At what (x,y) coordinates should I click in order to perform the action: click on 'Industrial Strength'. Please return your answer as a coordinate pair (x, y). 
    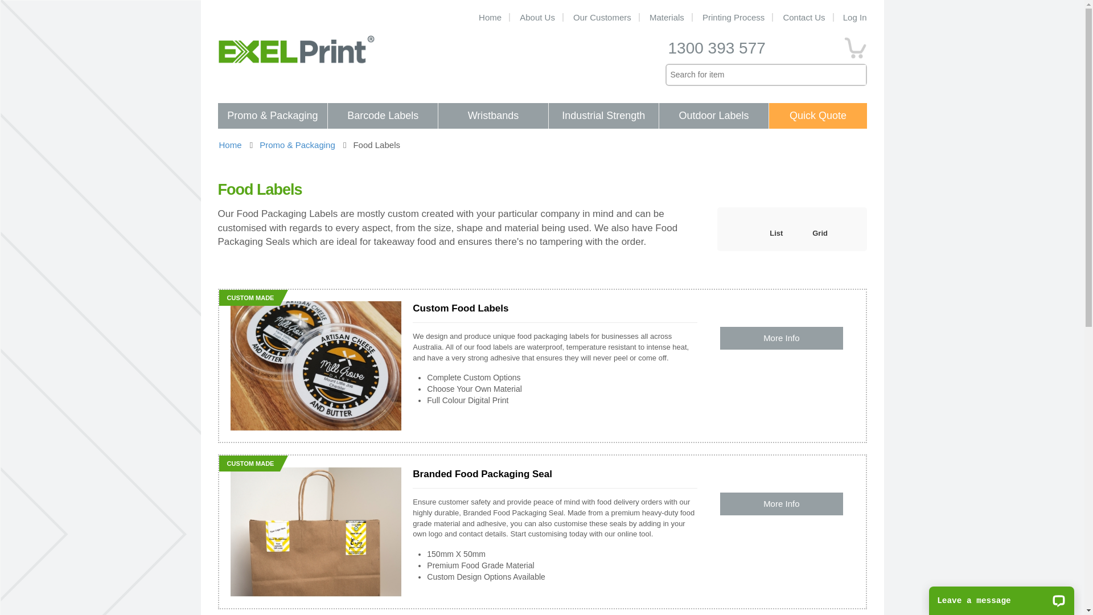
    Looking at the image, I should click on (603, 116).